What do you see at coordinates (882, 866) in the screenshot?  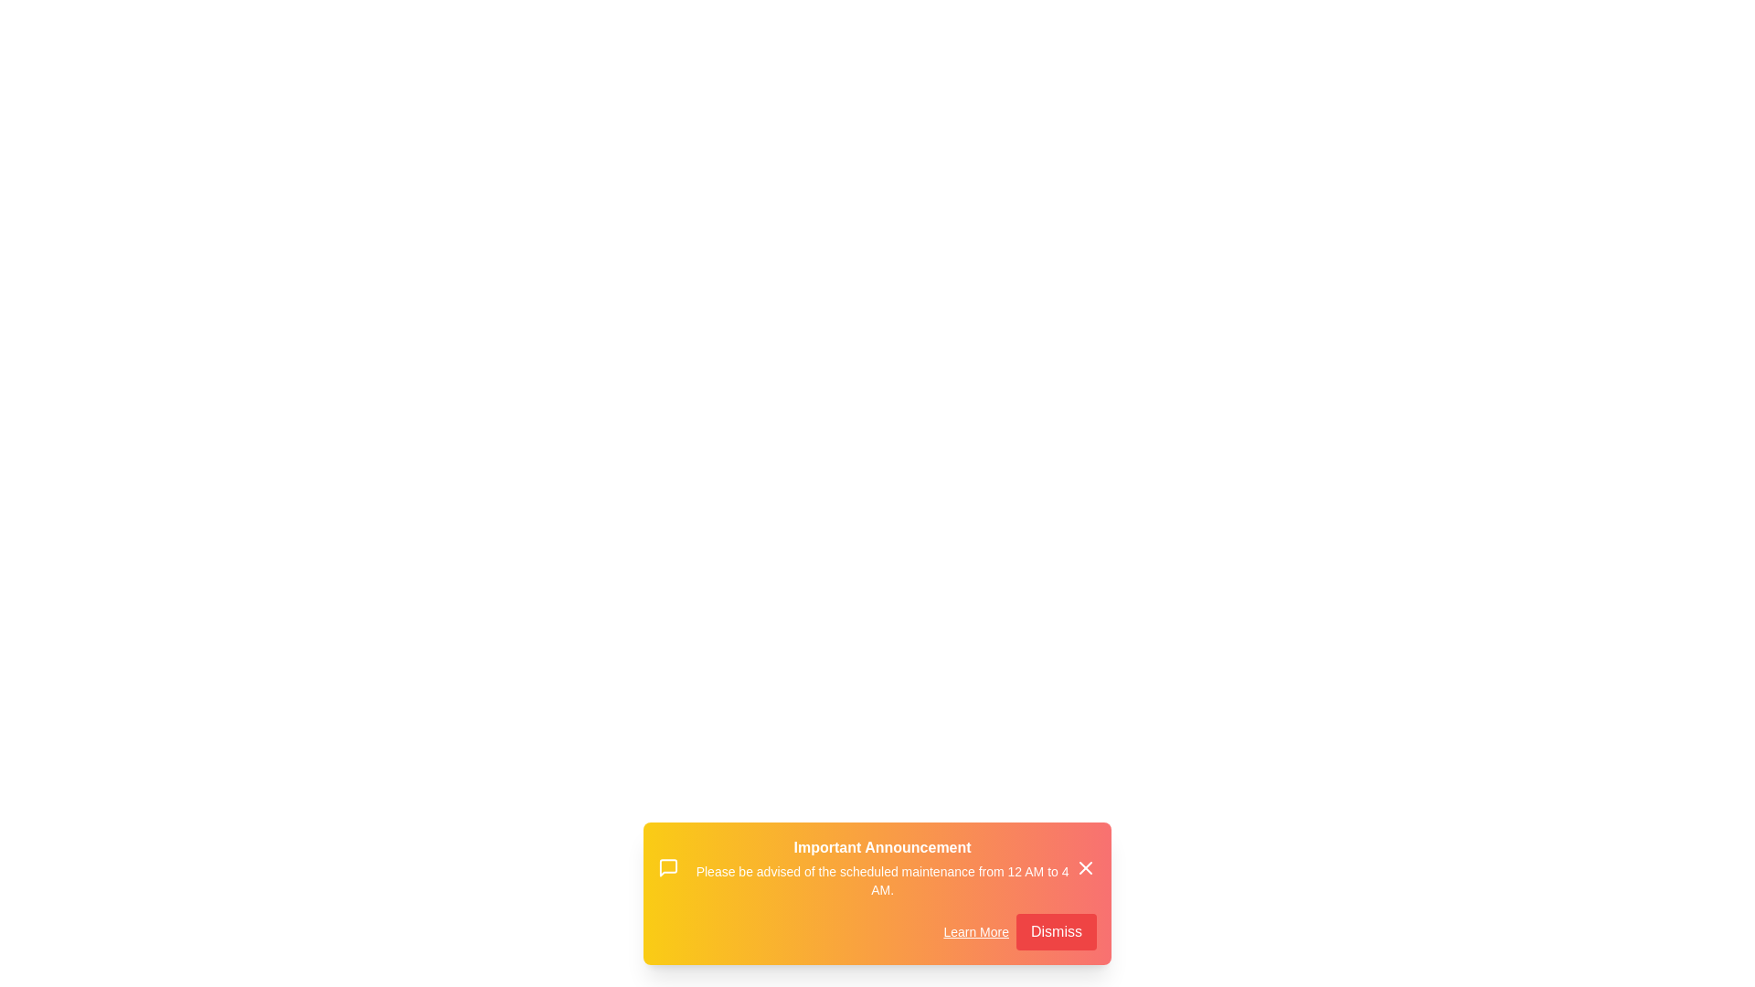 I see `the Text Block that informs the user about an important announcement regarding scheduled maintenance, located to the right of an icon and above the 'Learn More' and 'Dismiss' buttons` at bounding box center [882, 866].